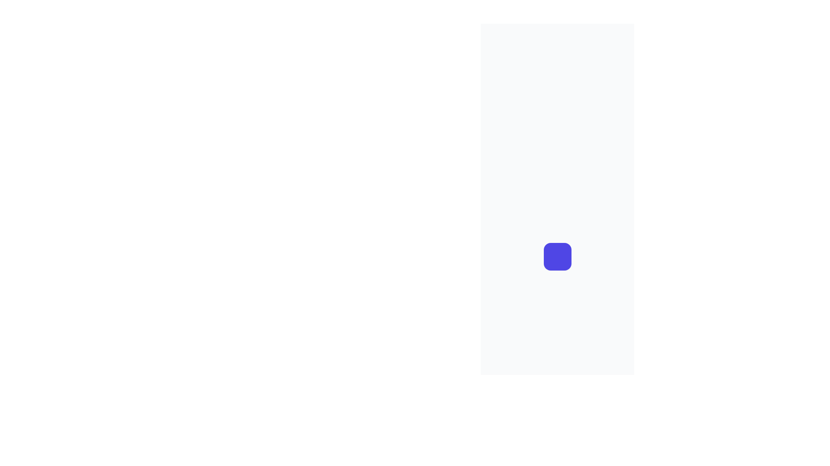  Describe the element at coordinates (557, 256) in the screenshot. I see `the interactive square with rounded edges that has a purple background` at that location.